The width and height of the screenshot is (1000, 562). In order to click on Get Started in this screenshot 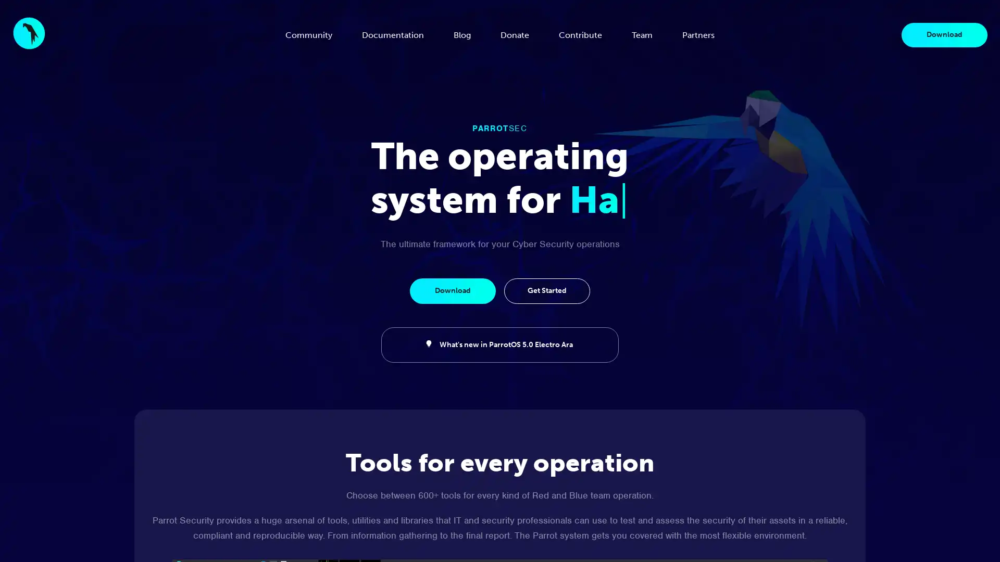, I will do `click(546, 291)`.